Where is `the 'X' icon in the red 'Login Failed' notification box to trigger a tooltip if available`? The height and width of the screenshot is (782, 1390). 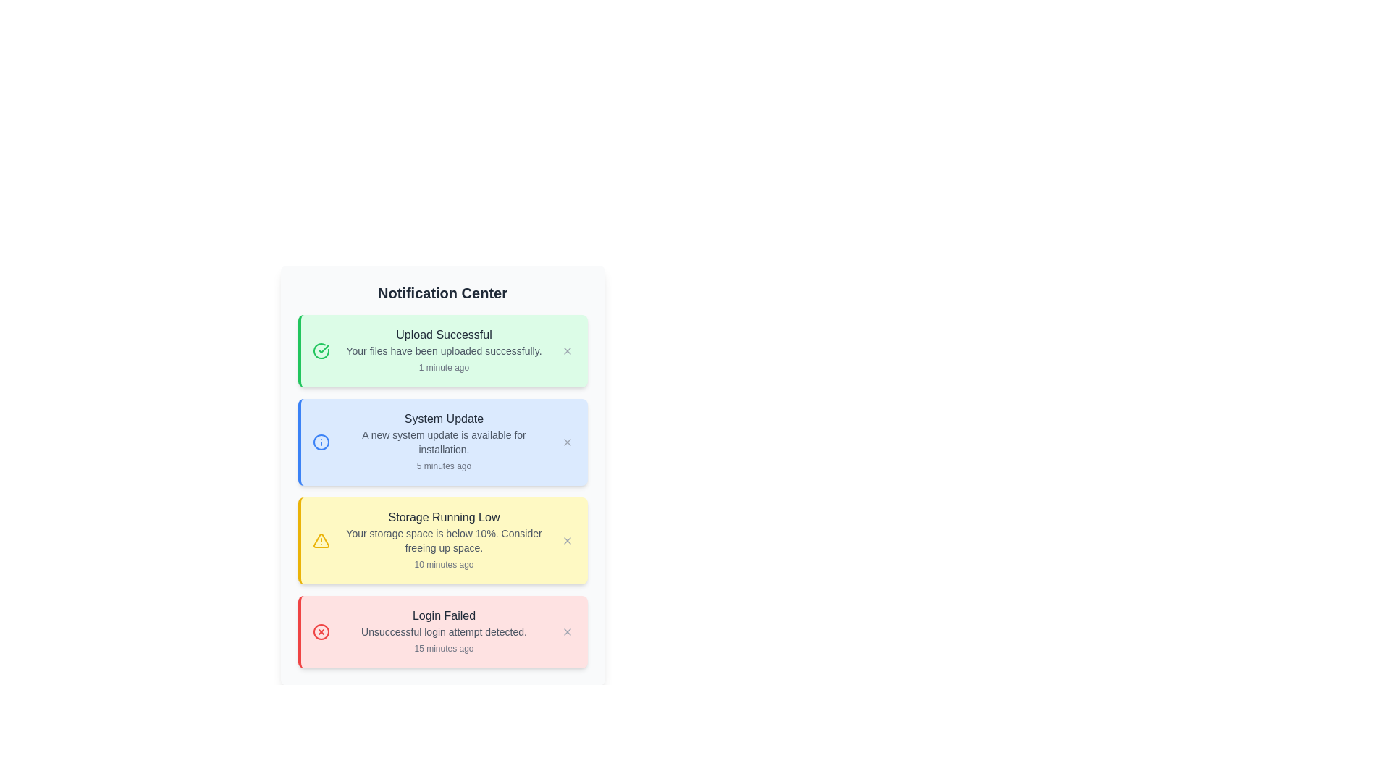 the 'X' icon in the red 'Login Failed' notification box to trigger a tooltip if available is located at coordinates (566, 631).